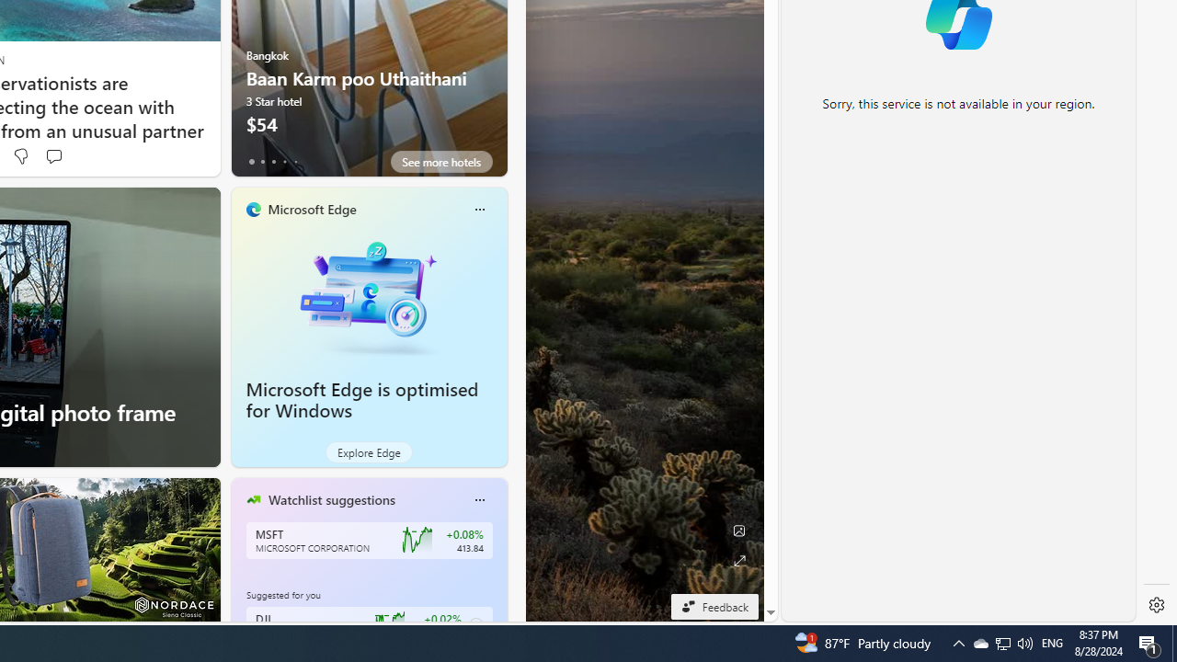  Describe the element at coordinates (738, 560) in the screenshot. I see `'Expand background'` at that location.